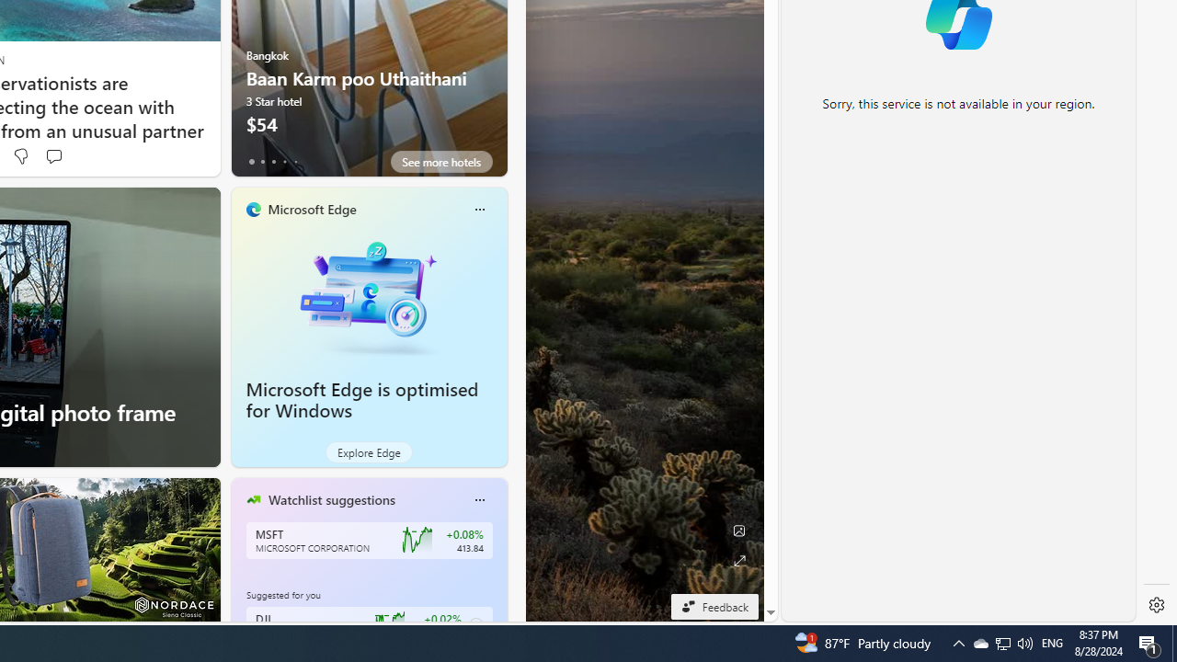  Describe the element at coordinates (738, 560) in the screenshot. I see `'Expand background'` at that location.